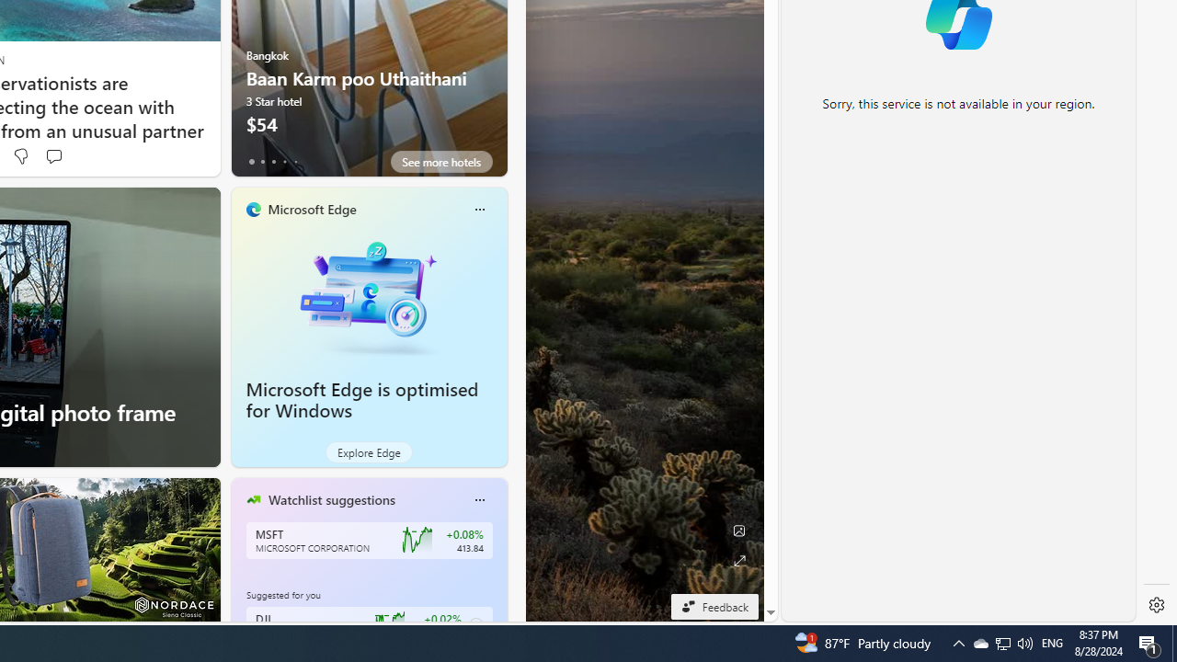  Describe the element at coordinates (738, 560) in the screenshot. I see `'Expand background'` at that location.